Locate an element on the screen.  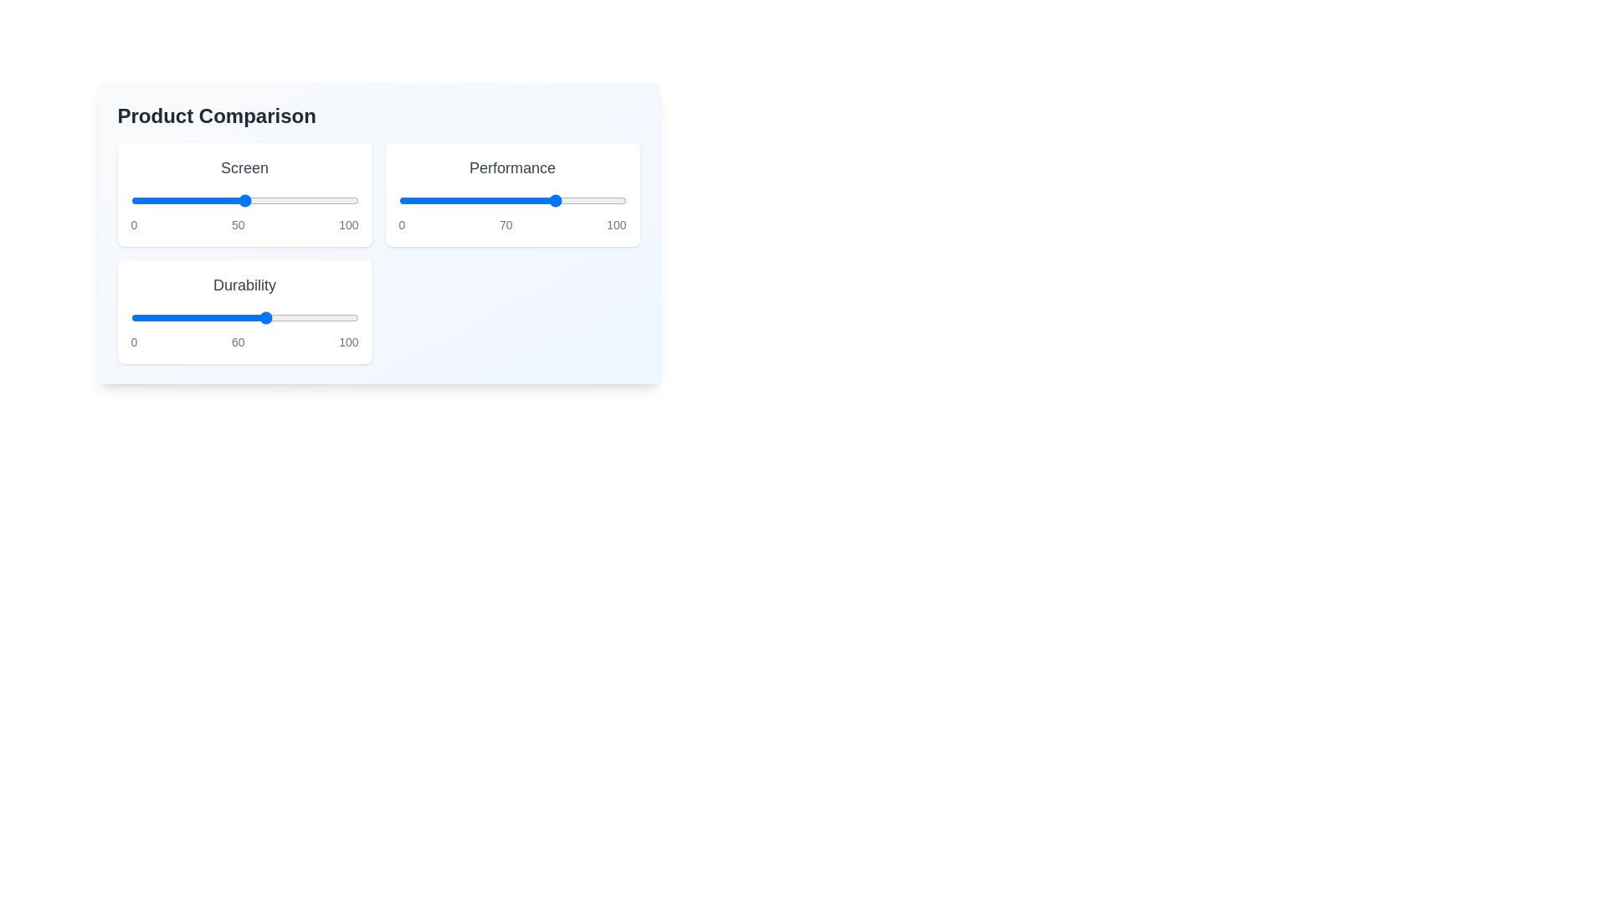
the 'Screen' slider to the value 13 is located at coordinates (160, 199).